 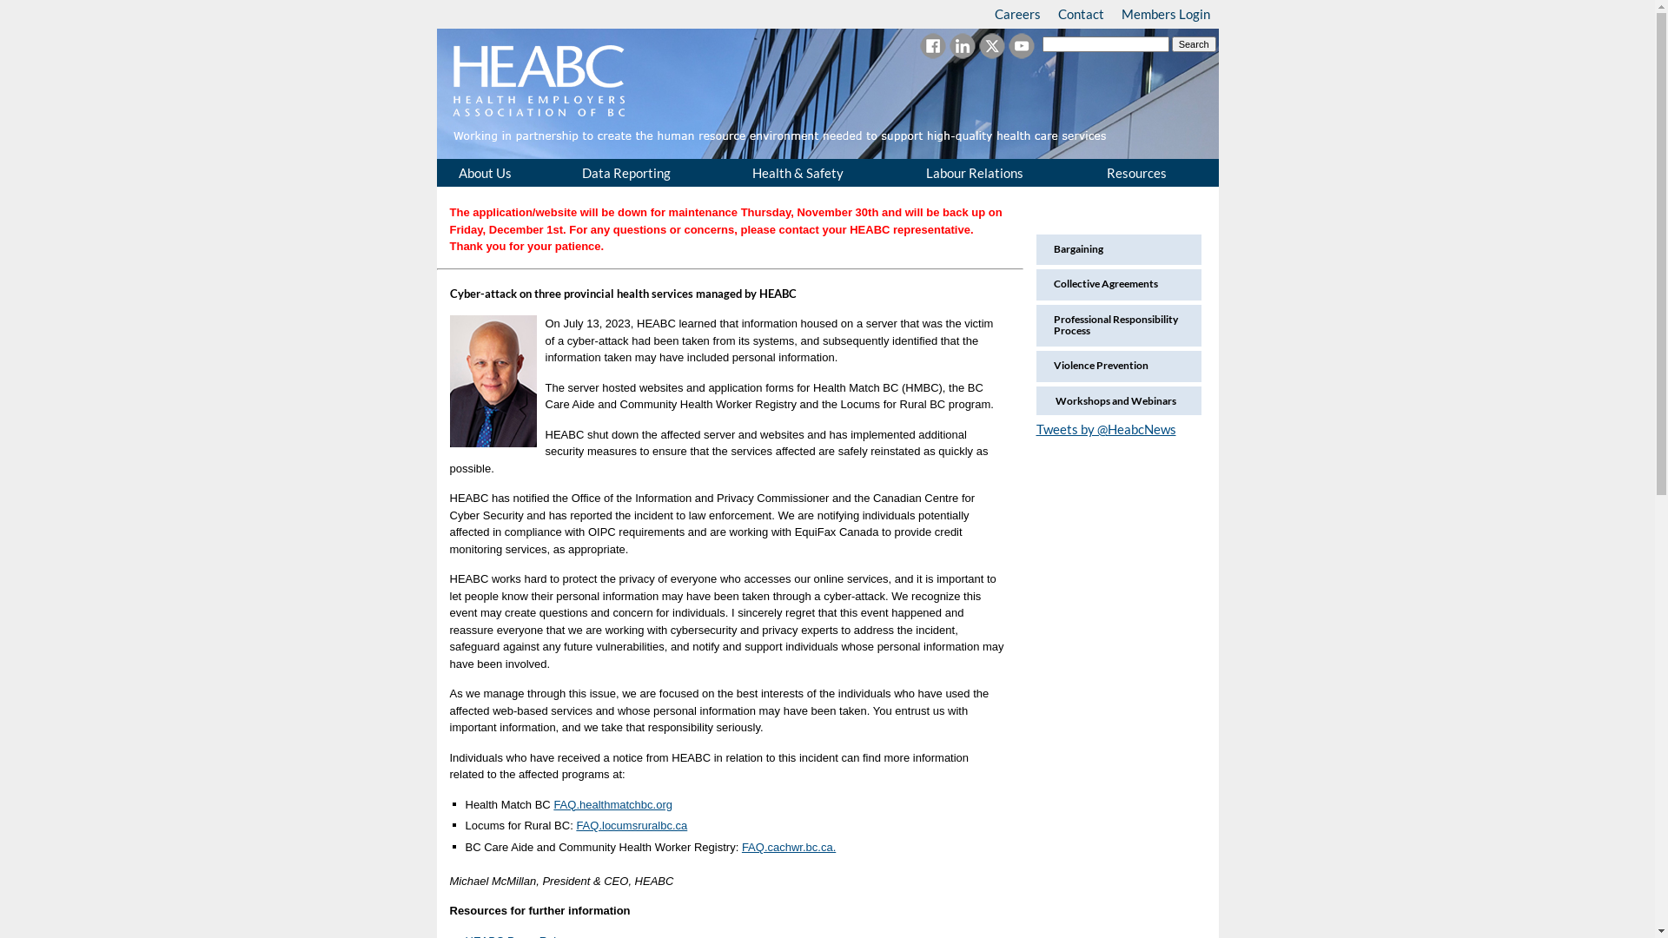 I want to click on 'Violence Prevention', so click(x=1095, y=375).